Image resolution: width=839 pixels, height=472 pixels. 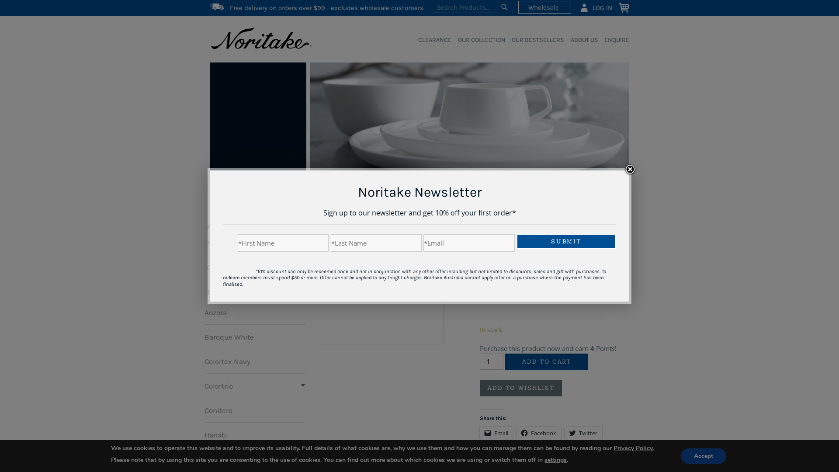 What do you see at coordinates (520, 387) in the screenshot?
I see `'ADD TO WISHLIST'` at bounding box center [520, 387].